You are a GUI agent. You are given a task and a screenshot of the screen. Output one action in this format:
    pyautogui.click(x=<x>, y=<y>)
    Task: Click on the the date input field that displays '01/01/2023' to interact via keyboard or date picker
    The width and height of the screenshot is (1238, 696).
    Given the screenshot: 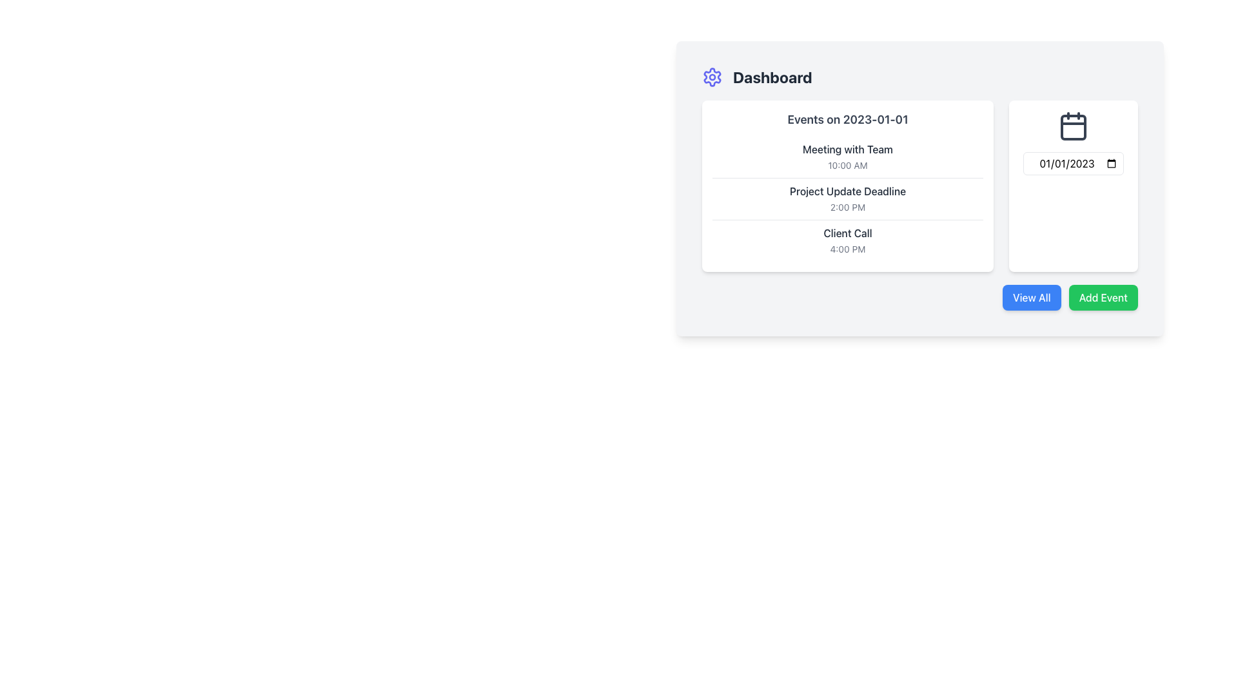 What is the action you would take?
    pyautogui.click(x=1074, y=163)
    